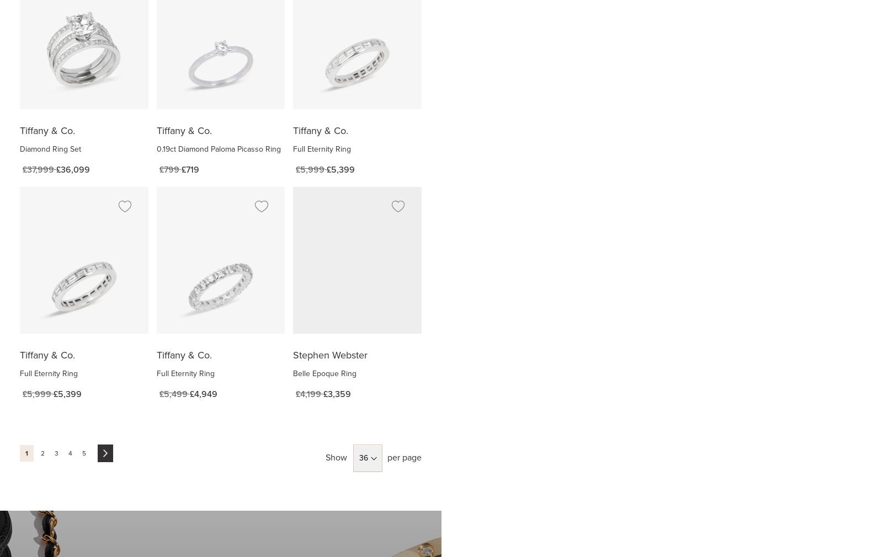 The height and width of the screenshot is (557, 883). I want to click on '£5,499', so click(173, 393).